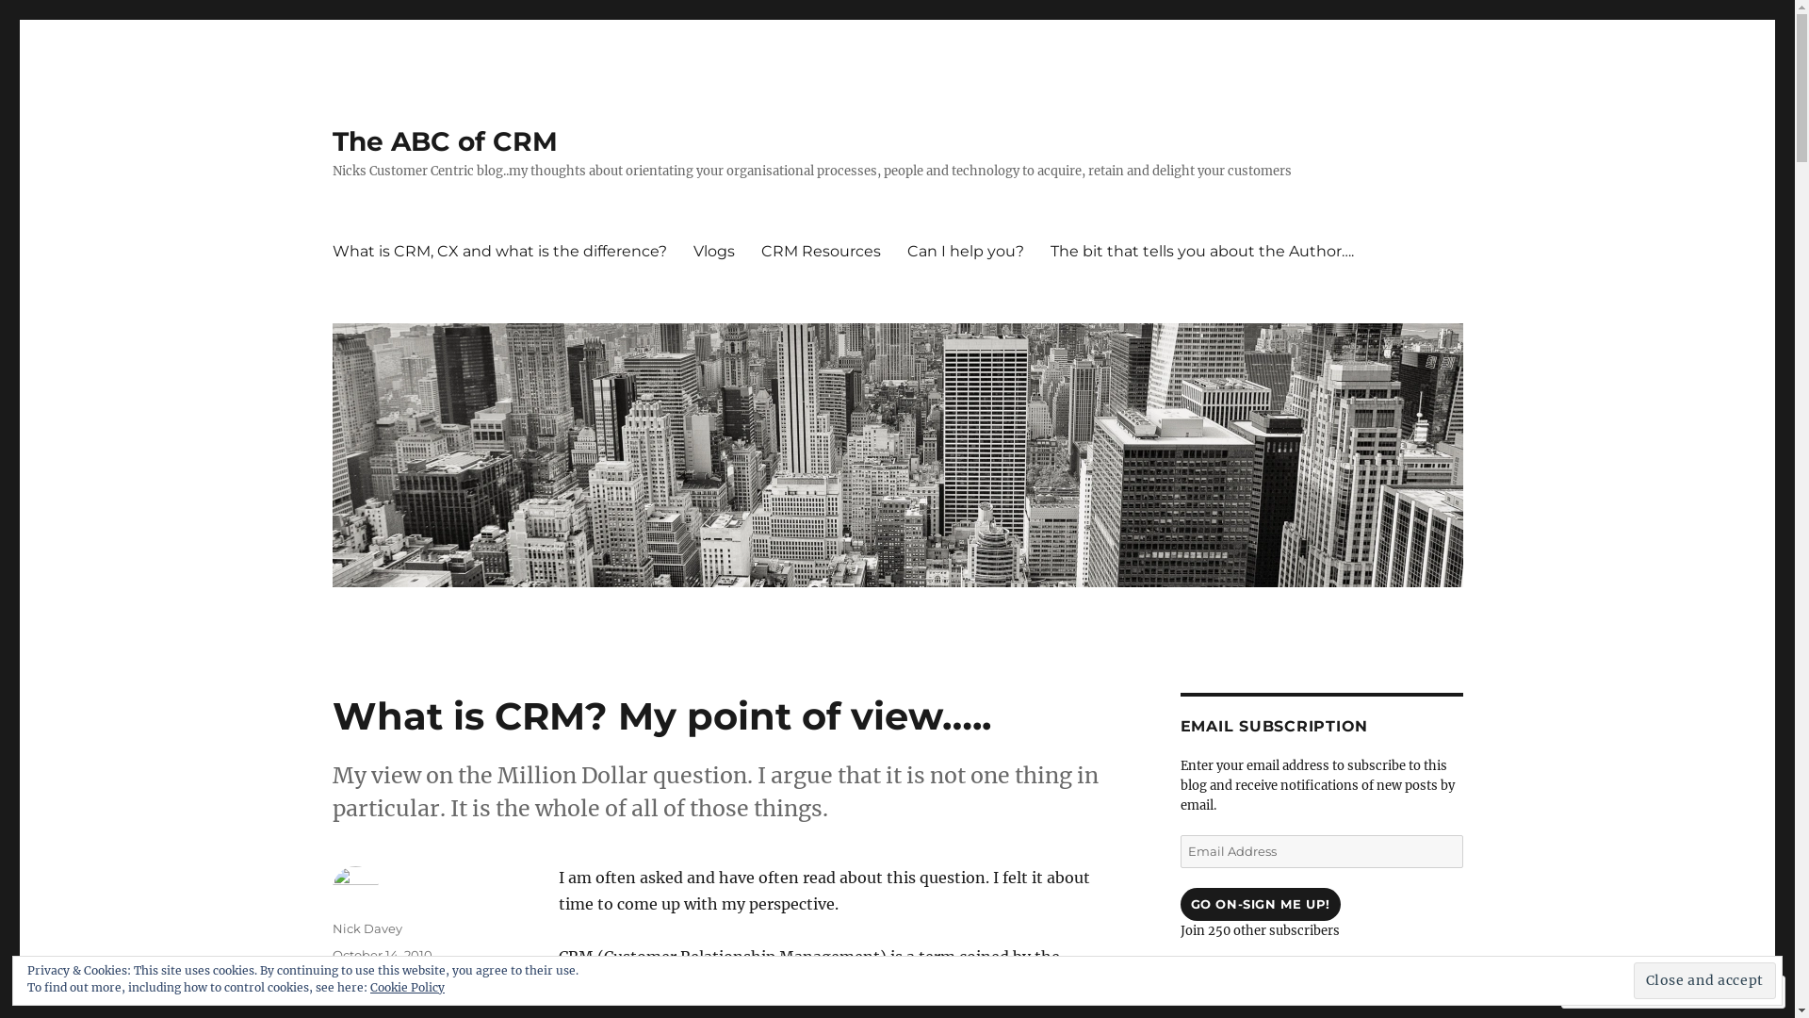 This screenshot has width=1809, height=1018. Describe the element at coordinates (443, 140) in the screenshot. I see `'The ABC of CRM'` at that location.